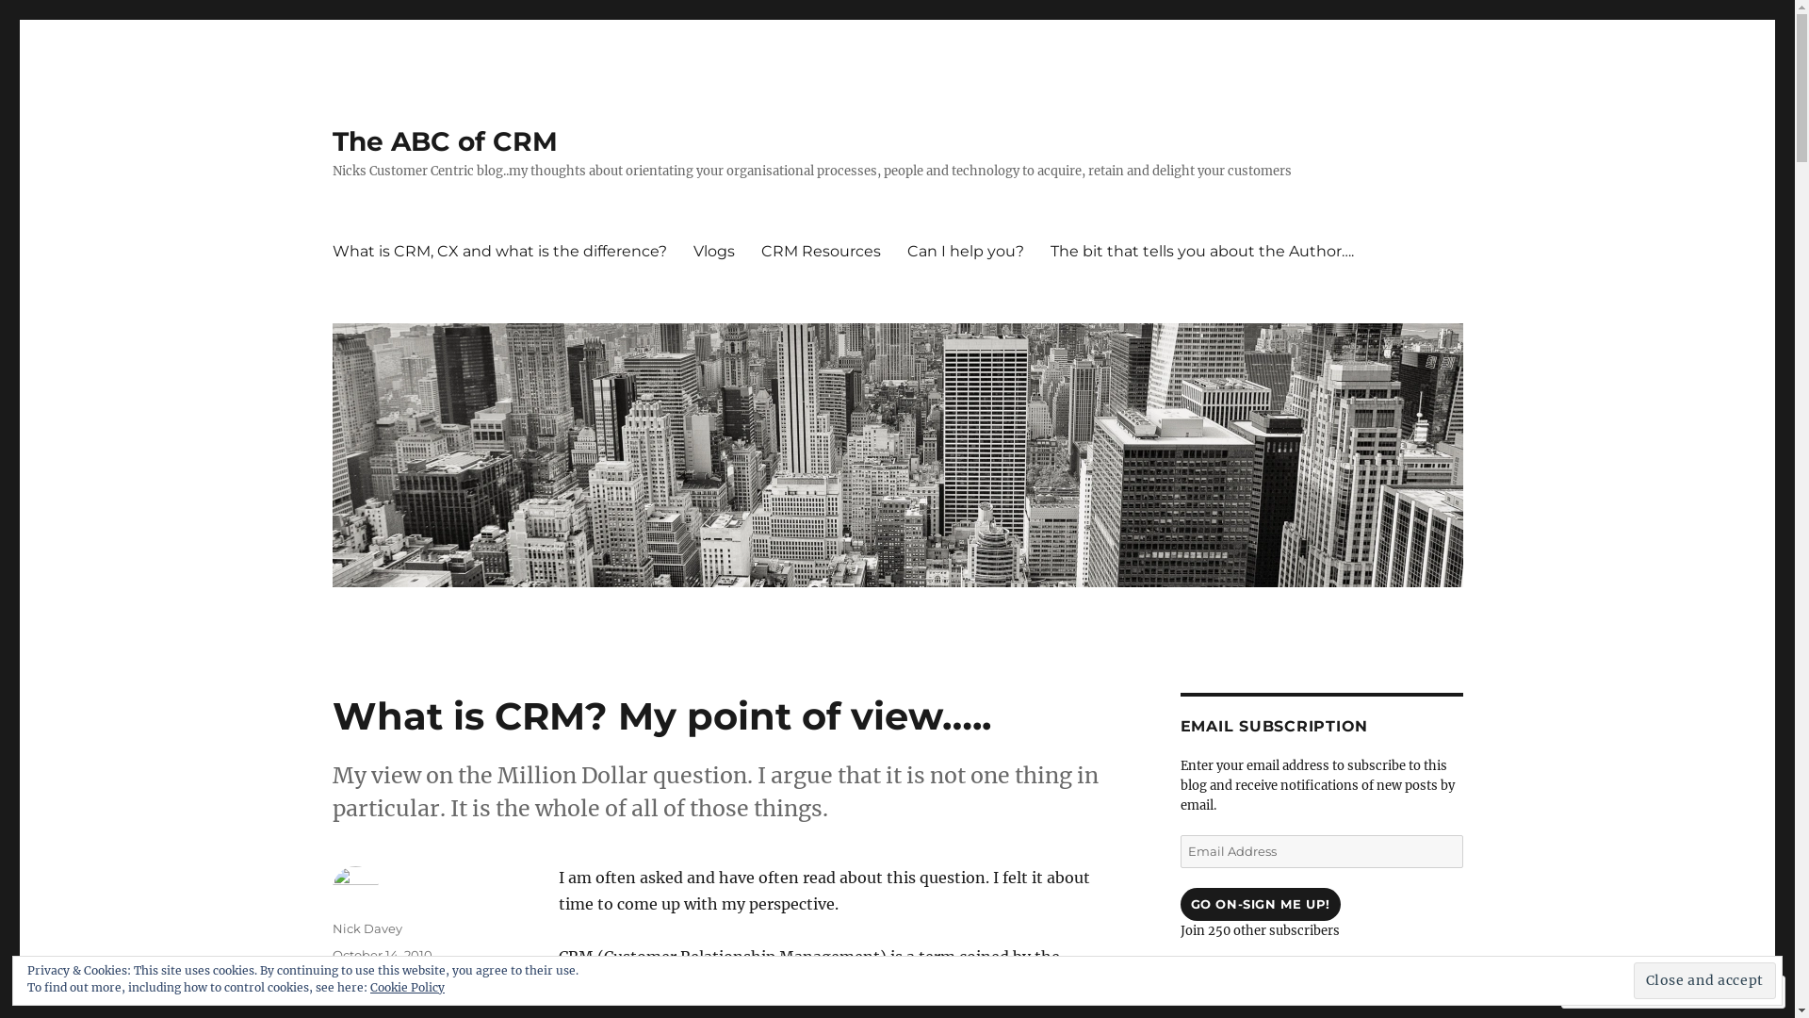 This screenshot has width=1809, height=1018. Describe the element at coordinates (443, 140) in the screenshot. I see `'The ABC of CRM'` at that location.